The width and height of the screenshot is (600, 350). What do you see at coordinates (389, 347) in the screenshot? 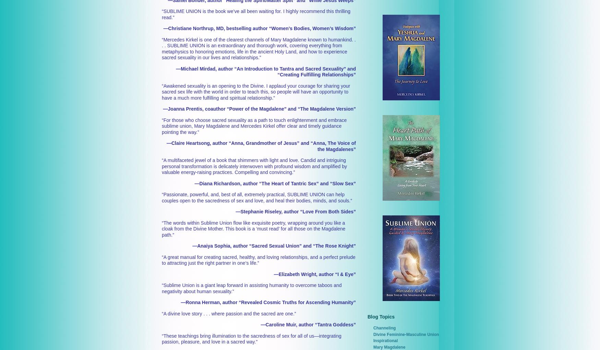
I see `'Mary Magdalene'` at bounding box center [389, 347].